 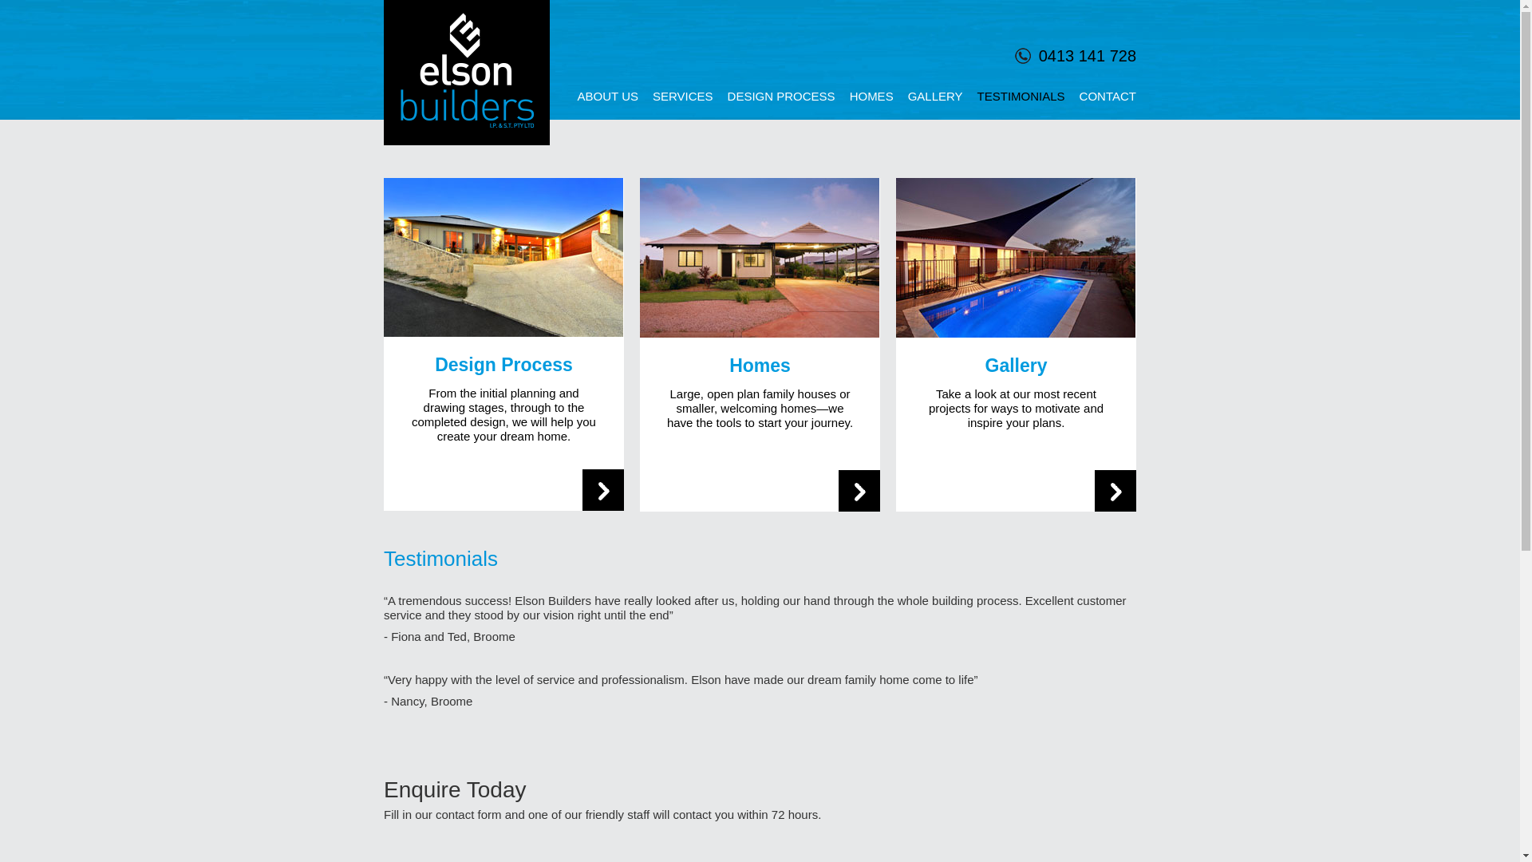 What do you see at coordinates (1076, 53) in the screenshot?
I see `'0413 141 728'` at bounding box center [1076, 53].